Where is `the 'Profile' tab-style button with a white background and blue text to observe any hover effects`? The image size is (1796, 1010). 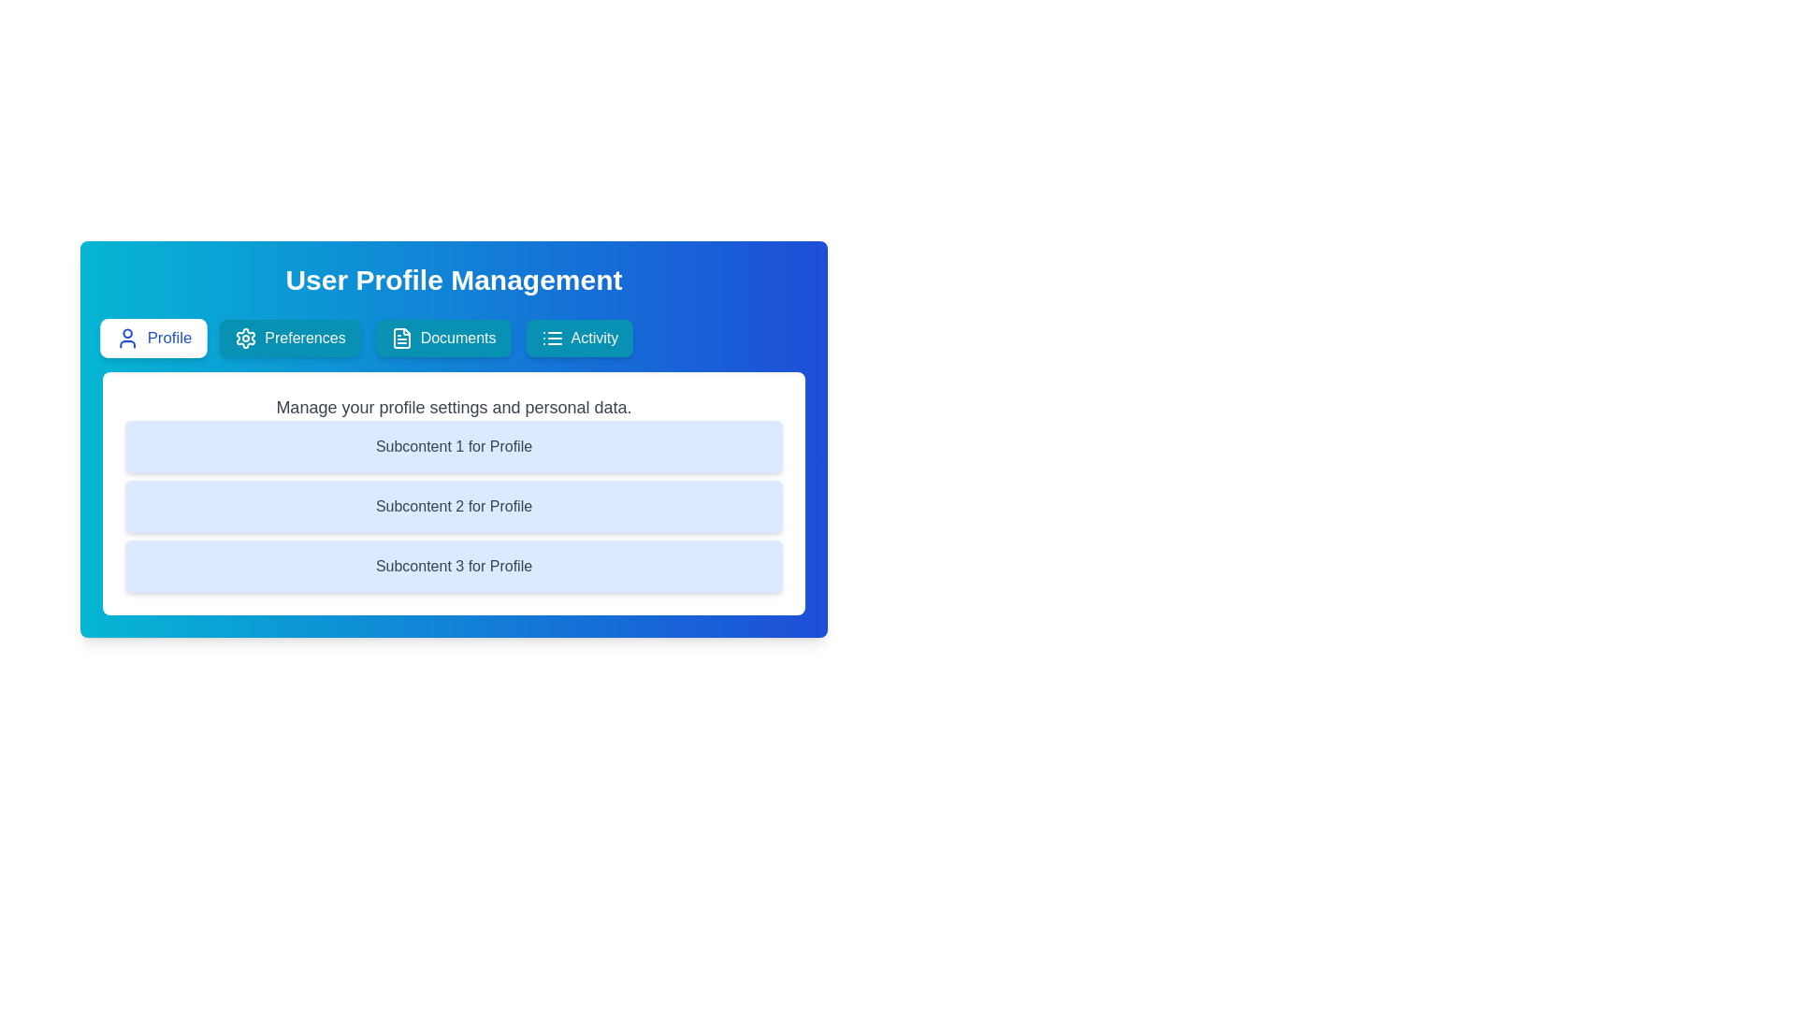
the 'Profile' tab-style button with a white background and blue text to observe any hover effects is located at coordinates (153, 339).